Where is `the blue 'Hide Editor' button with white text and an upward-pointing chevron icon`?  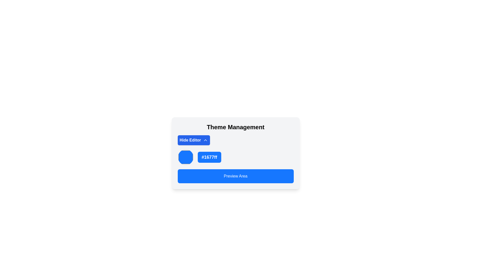
the blue 'Hide Editor' button with white text and an upward-pointing chevron icon is located at coordinates (193, 140).